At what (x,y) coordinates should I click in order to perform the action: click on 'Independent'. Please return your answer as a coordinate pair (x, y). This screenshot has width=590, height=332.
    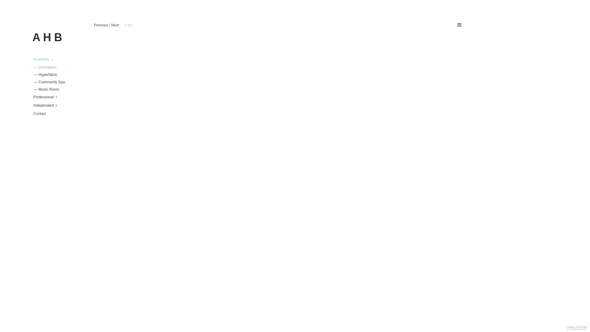
    Looking at the image, I should click on (45, 105).